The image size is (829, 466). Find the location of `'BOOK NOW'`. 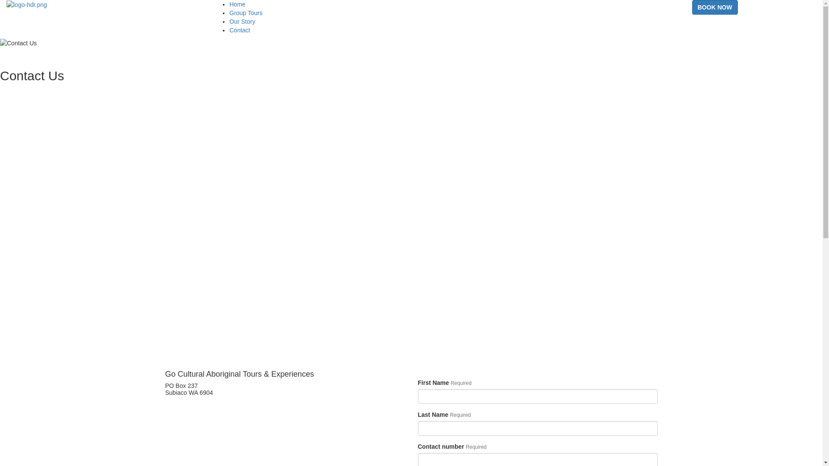

'BOOK NOW' is located at coordinates (715, 7).